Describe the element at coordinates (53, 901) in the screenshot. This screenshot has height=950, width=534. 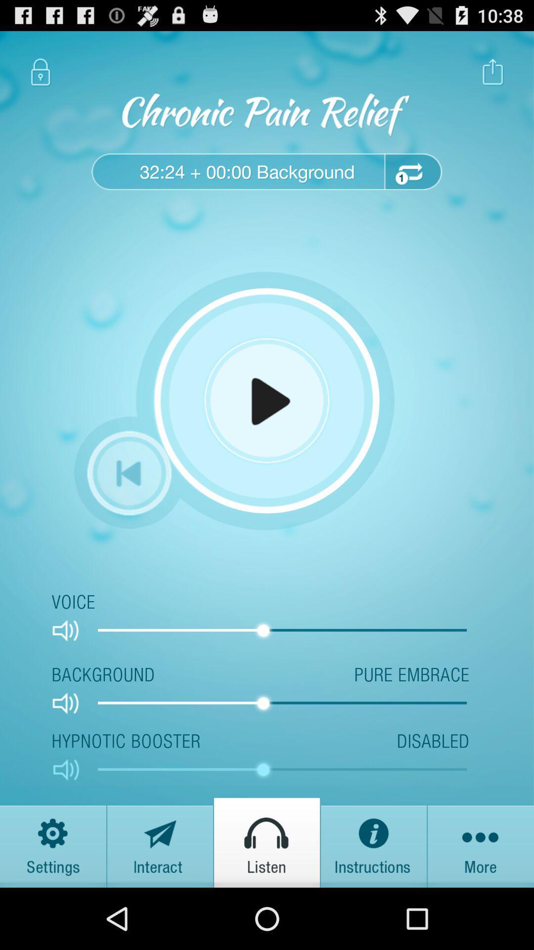
I see `the settings icon` at that location.